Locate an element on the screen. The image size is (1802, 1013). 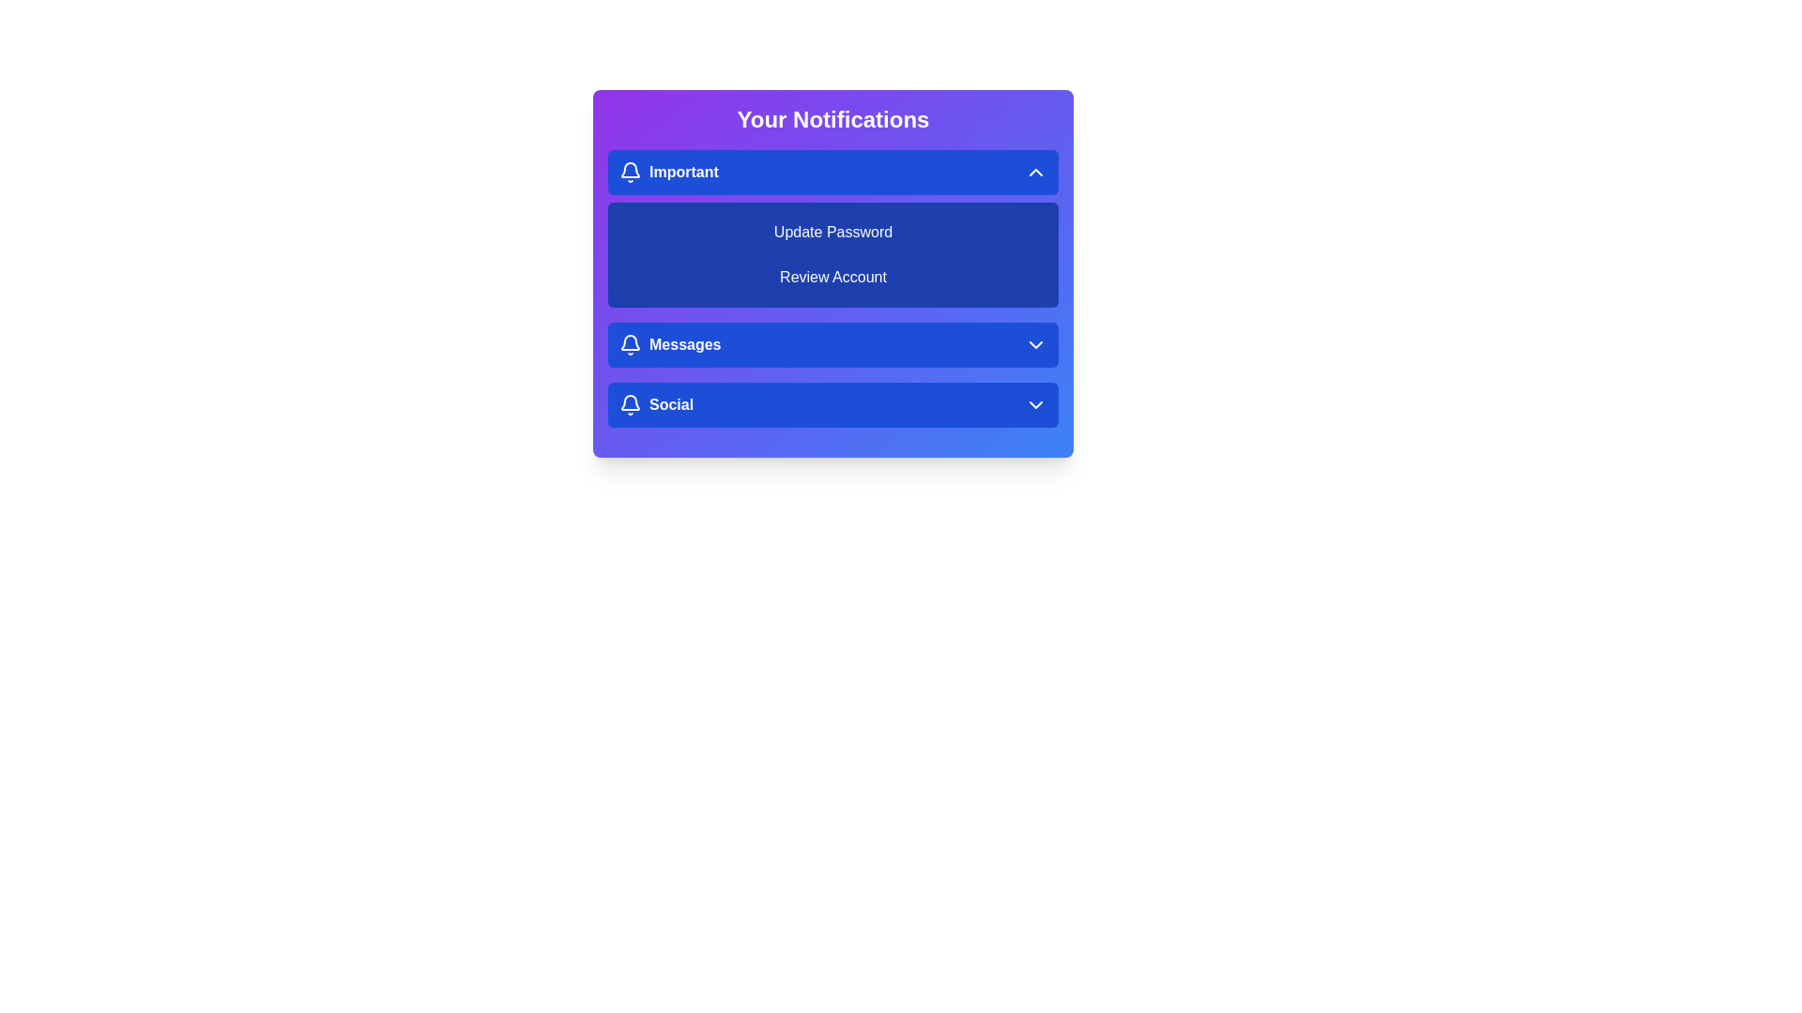
the notification category Social to preview its details is located at coordinates (832, 404).